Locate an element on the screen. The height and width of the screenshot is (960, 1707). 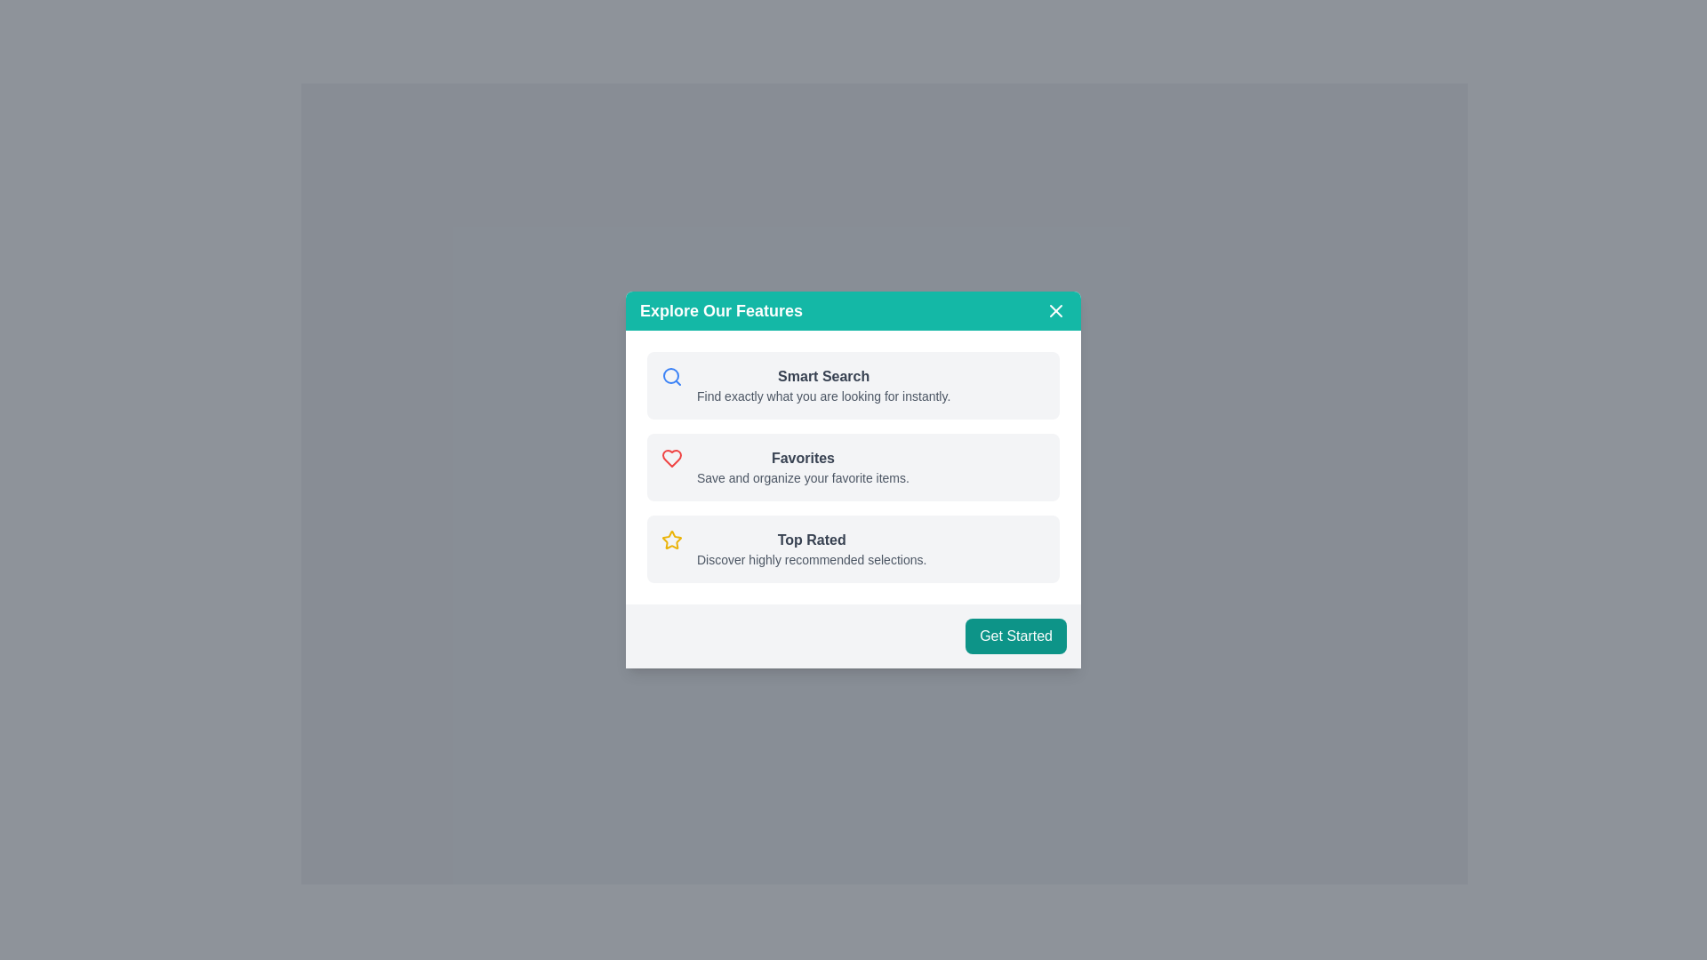
the text label that contains the phrase 'Save and organize your favorite items.' which is styled in a smaller font size and gray color, located below the 'Favorites' heading in the card section of the interface labeled 'Explore Our Features.' is located at coordinates (802, 476).